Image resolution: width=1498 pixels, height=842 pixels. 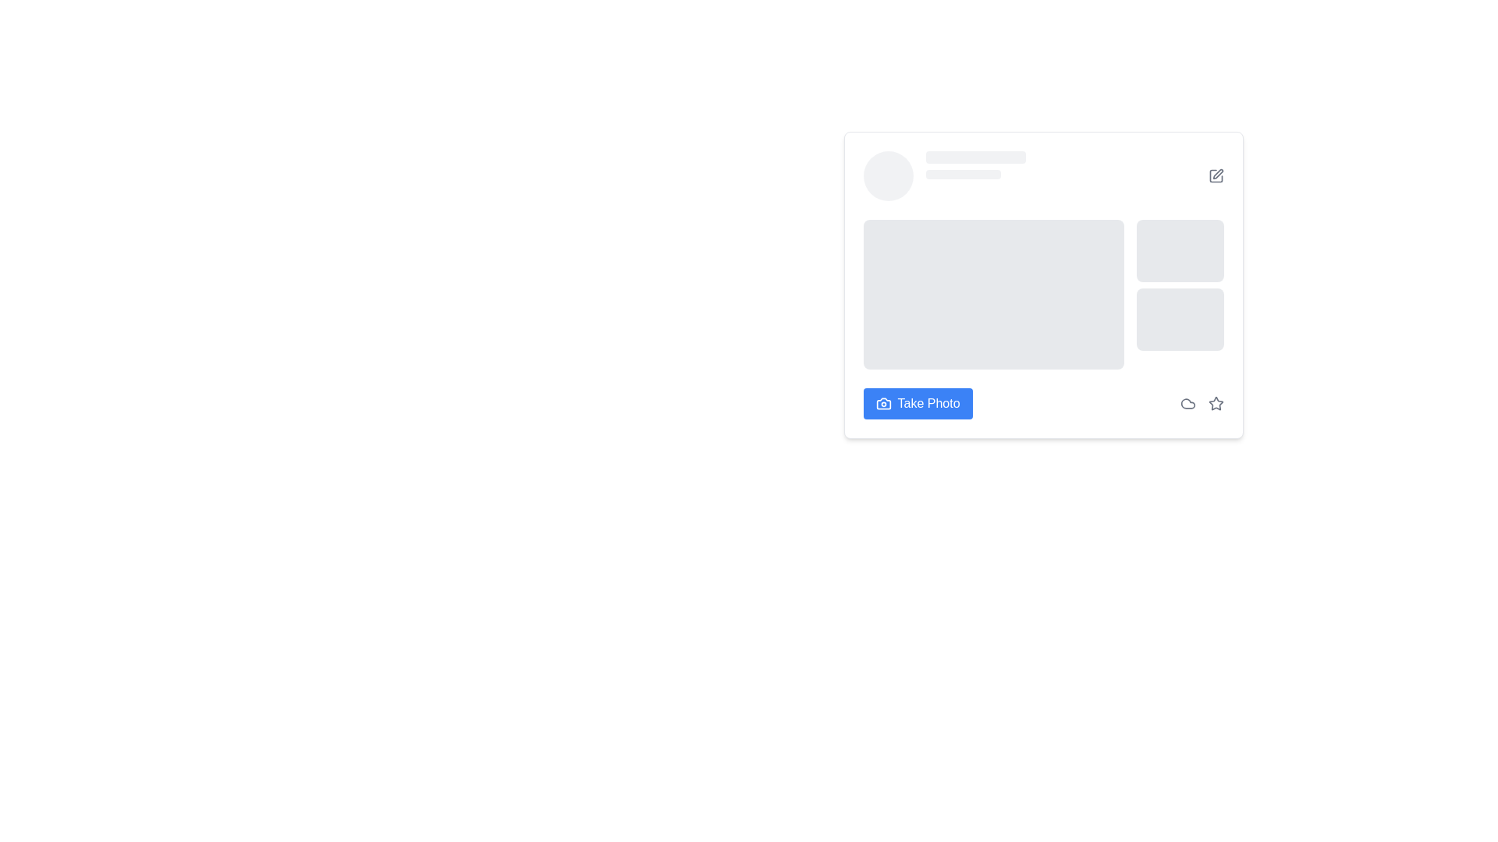 What do you see at coordinates (1216, 174) in the screenshot?
I see `the pen icon located in the top-right corner of the interface card` at bounding box center [1216, 174].